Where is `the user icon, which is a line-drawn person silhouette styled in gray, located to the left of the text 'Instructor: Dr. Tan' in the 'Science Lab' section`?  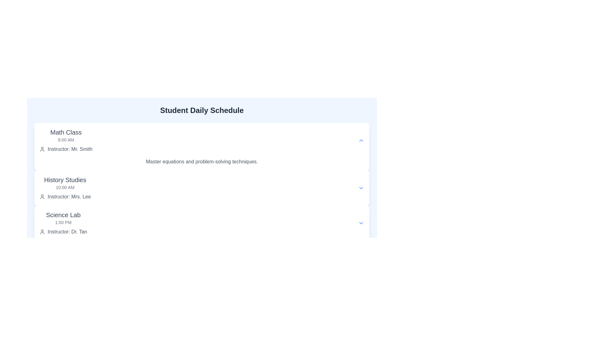
the user icon, which is a line-drawn person silhouette styled in gray, located to the left of the text 'Instructor: Dr. Tan' in the 'Science Lab' section is located at coordinates (42, 232).